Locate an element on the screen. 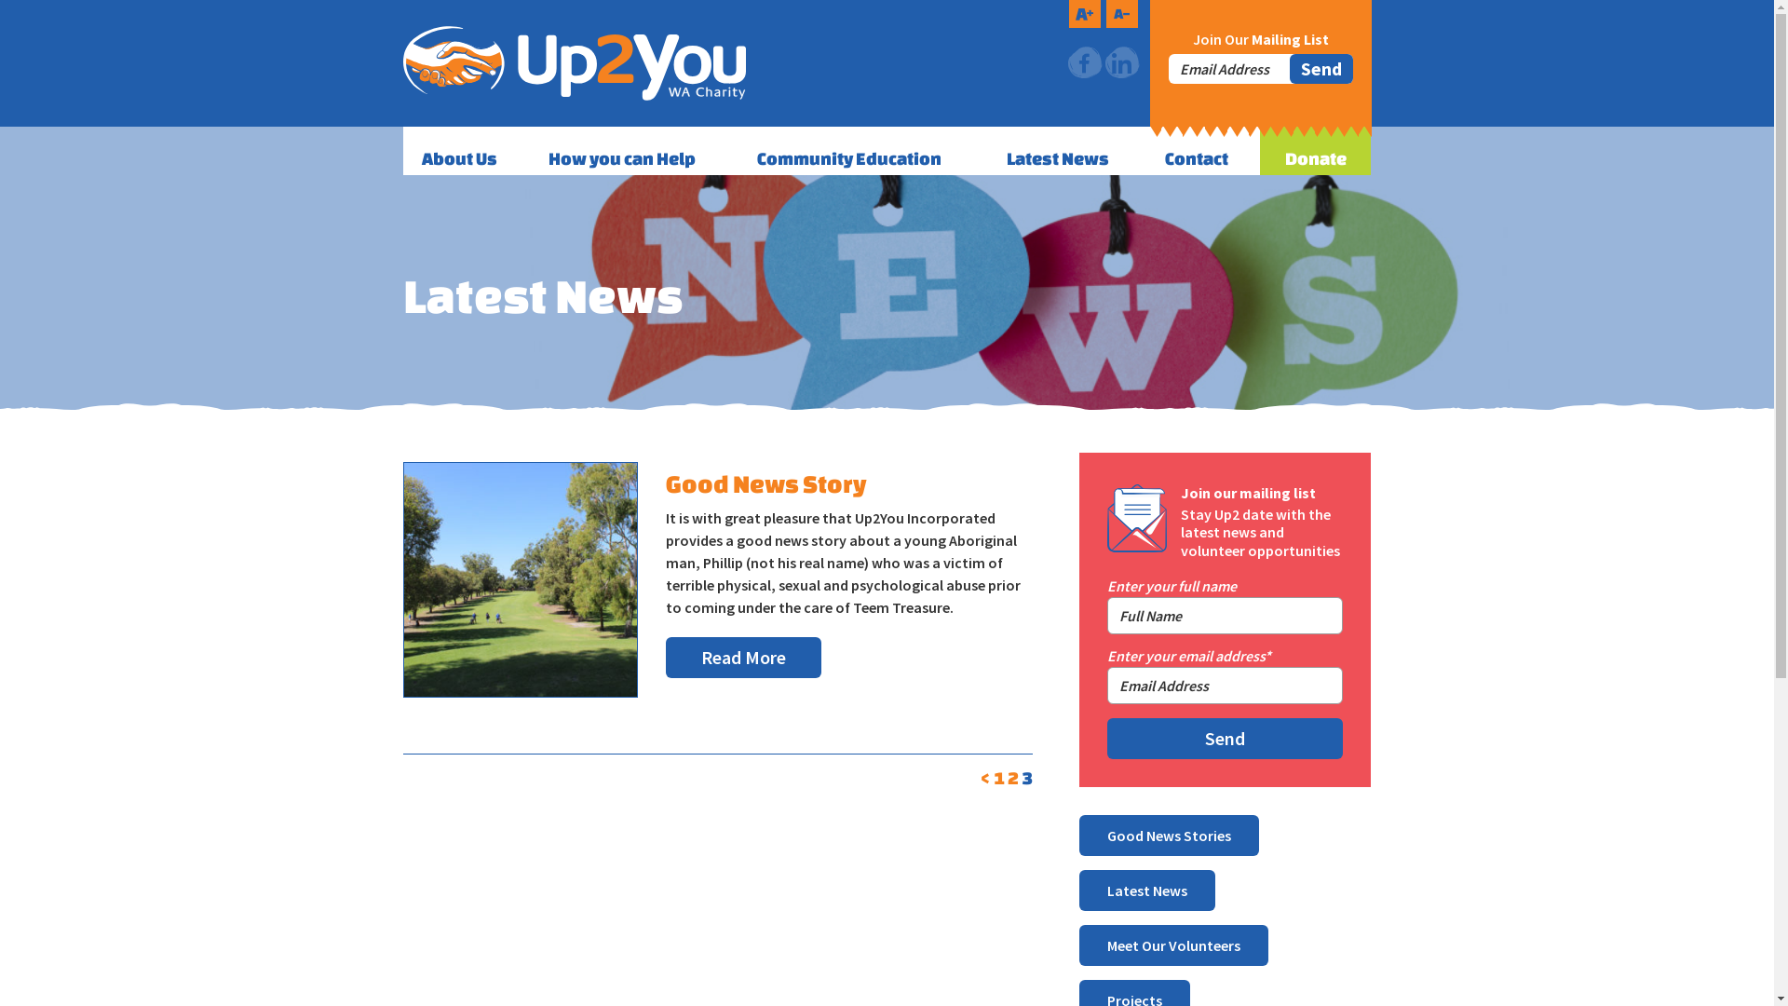  'About Us' is located at coordinates (466, 150).